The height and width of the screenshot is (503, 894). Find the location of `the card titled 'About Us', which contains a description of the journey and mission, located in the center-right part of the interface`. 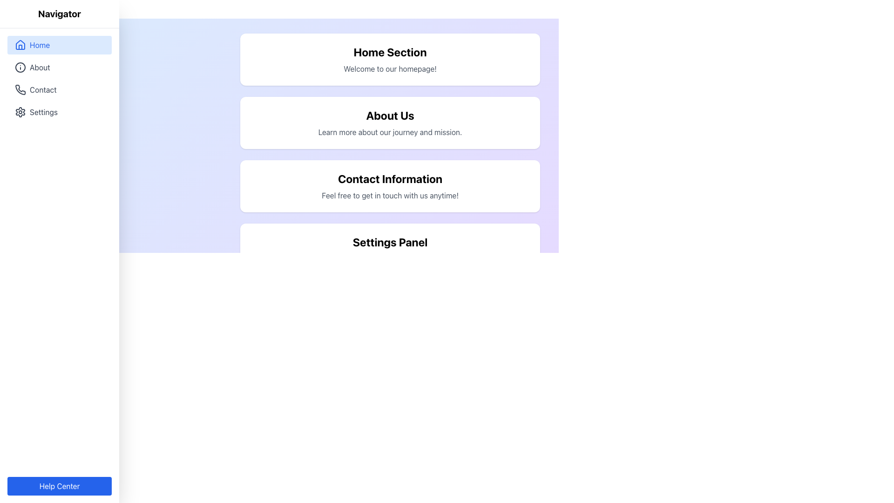

the card titled 'About Us', which contains a description of the journey and mission, located in the center-right part of the interface is located at coordinates (390, 122).